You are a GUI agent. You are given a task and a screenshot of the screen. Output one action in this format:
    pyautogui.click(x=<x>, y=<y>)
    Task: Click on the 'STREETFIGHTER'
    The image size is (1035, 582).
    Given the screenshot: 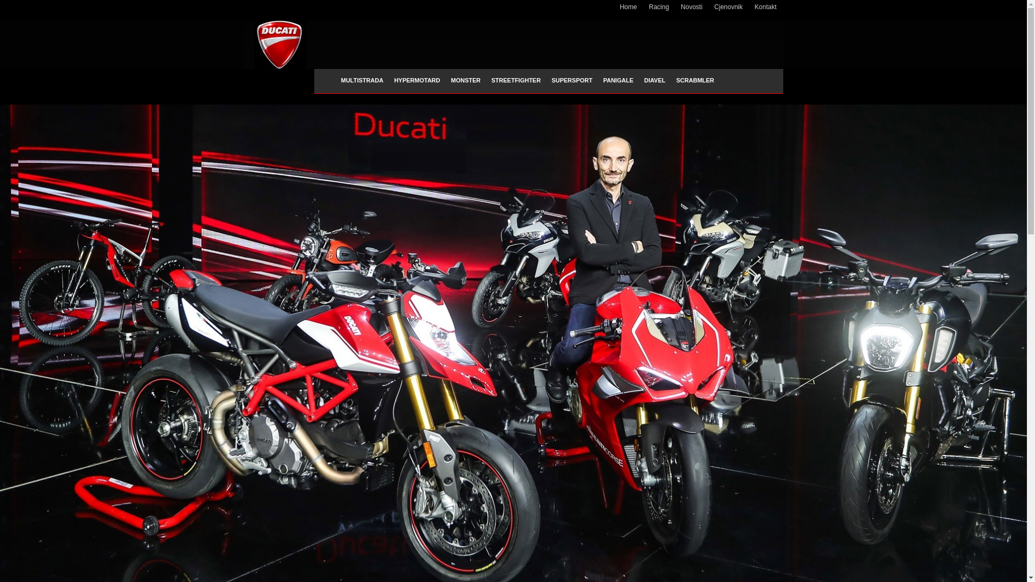 What is the action you would take?
    pyautogui.click(x=515, y=80)
    